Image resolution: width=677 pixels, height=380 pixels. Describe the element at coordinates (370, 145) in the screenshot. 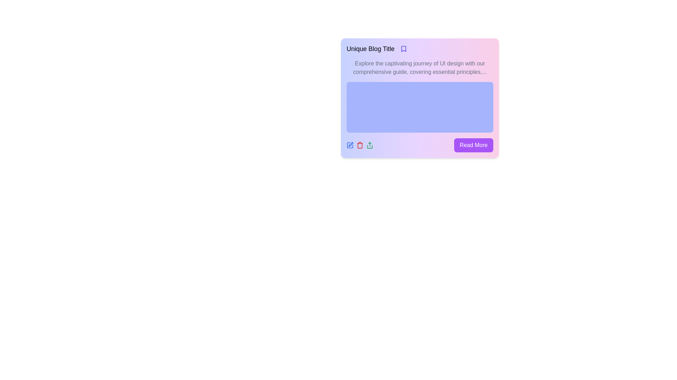

I see `the share icon located at the bottom-left corner of the card interface` at that location.